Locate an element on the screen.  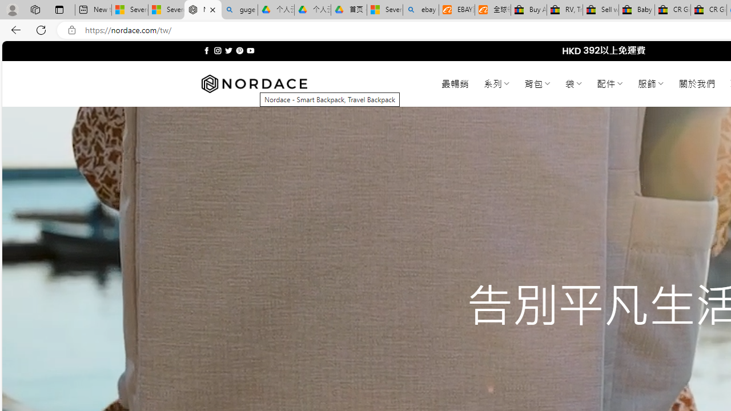
'Follow on Instagram' is located at coordinates (218, 50).